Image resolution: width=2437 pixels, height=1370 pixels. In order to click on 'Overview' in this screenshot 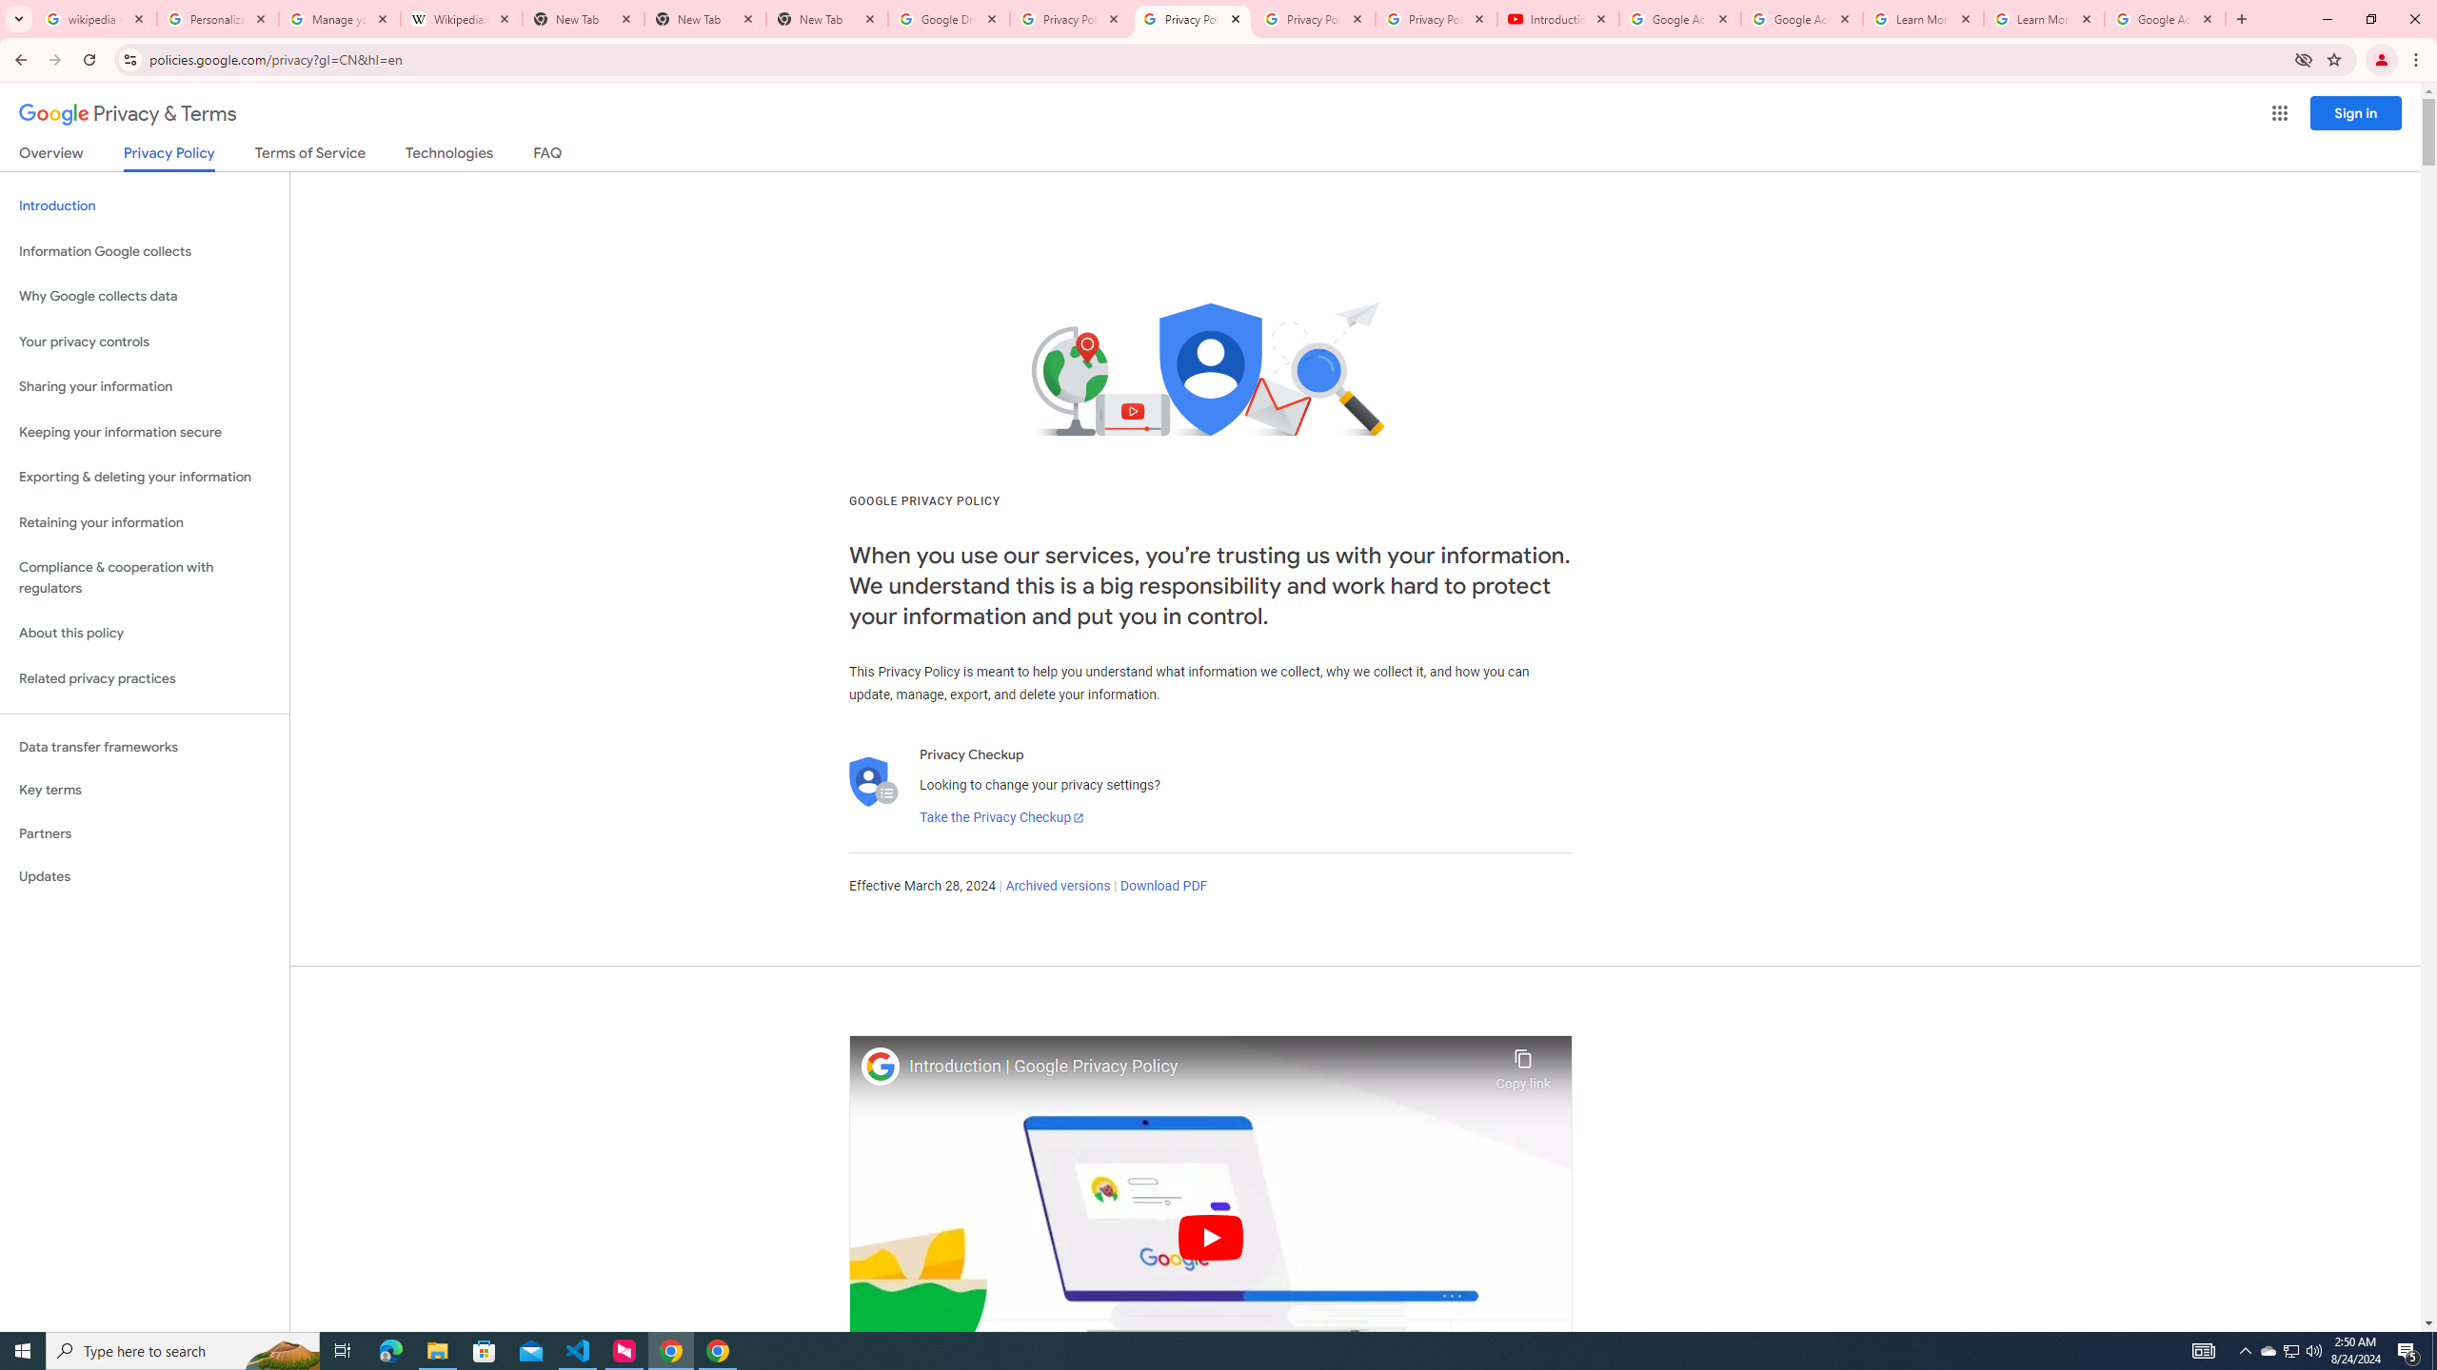, I will do `click(50, 156)`.